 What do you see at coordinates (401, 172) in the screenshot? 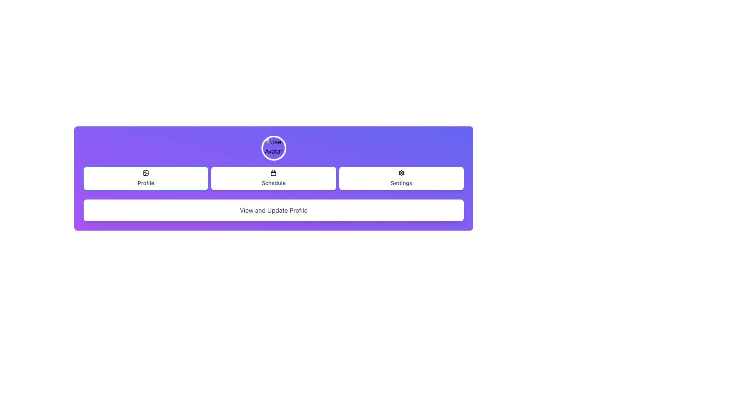
I see `the cogwheel-shaped icon representing settings functionality located in the top-center of the 'Settings' card, which is the third card from the left` at bounding box center [401, 172].